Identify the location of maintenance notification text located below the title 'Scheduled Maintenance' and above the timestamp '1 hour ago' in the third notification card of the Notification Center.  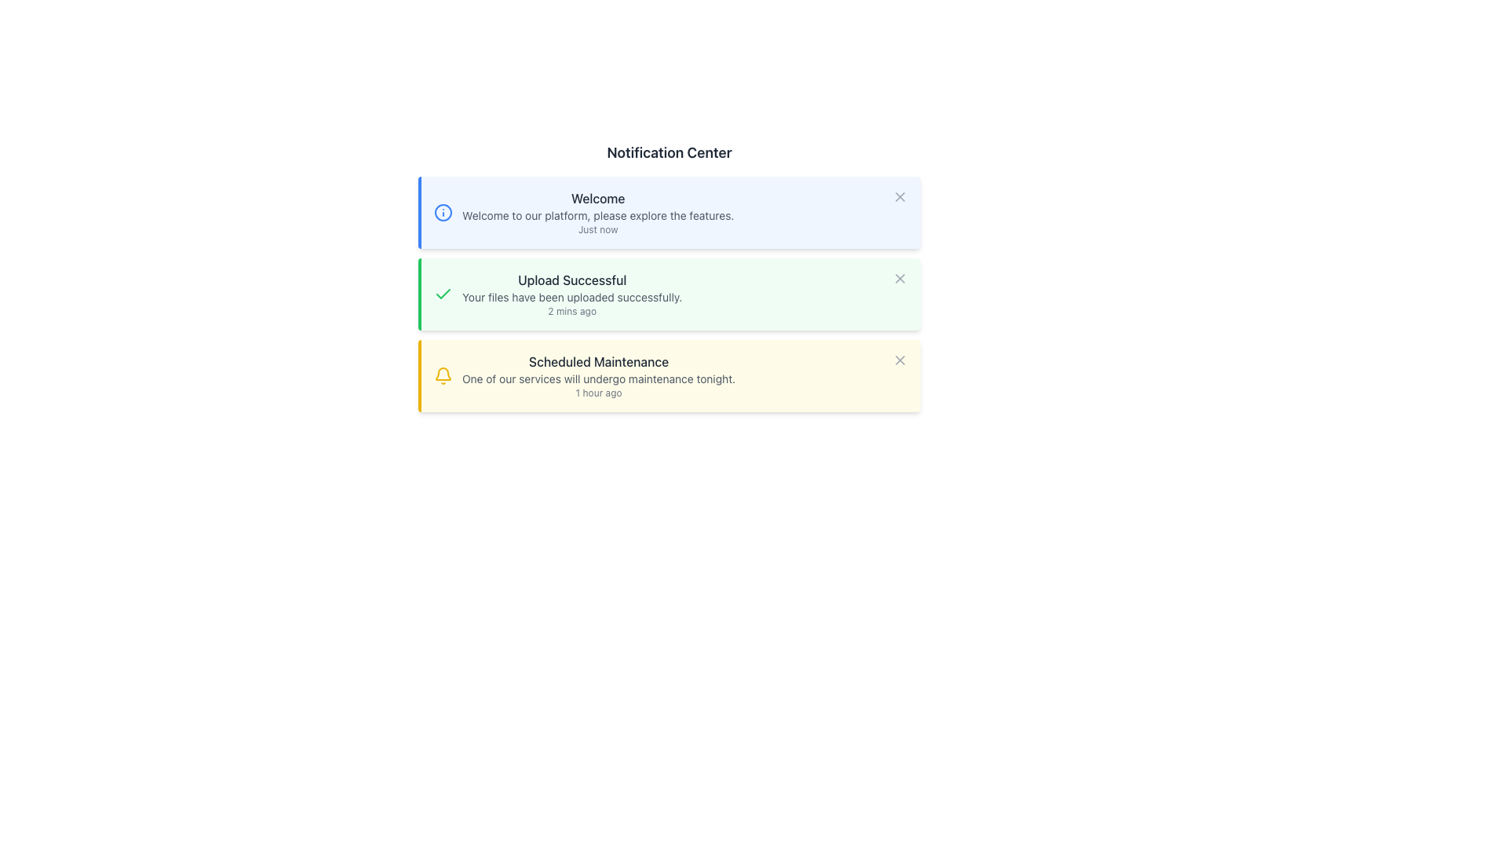
(598, 378).